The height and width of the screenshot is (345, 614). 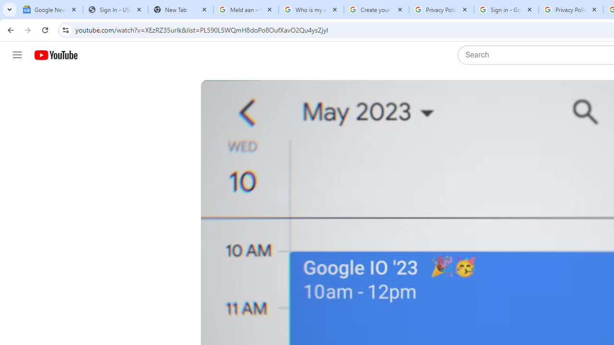 What do you see at coordinates (376, 10) in the screenshot?
I see `'Create your Google Account'` at bounding box center [376, 10].